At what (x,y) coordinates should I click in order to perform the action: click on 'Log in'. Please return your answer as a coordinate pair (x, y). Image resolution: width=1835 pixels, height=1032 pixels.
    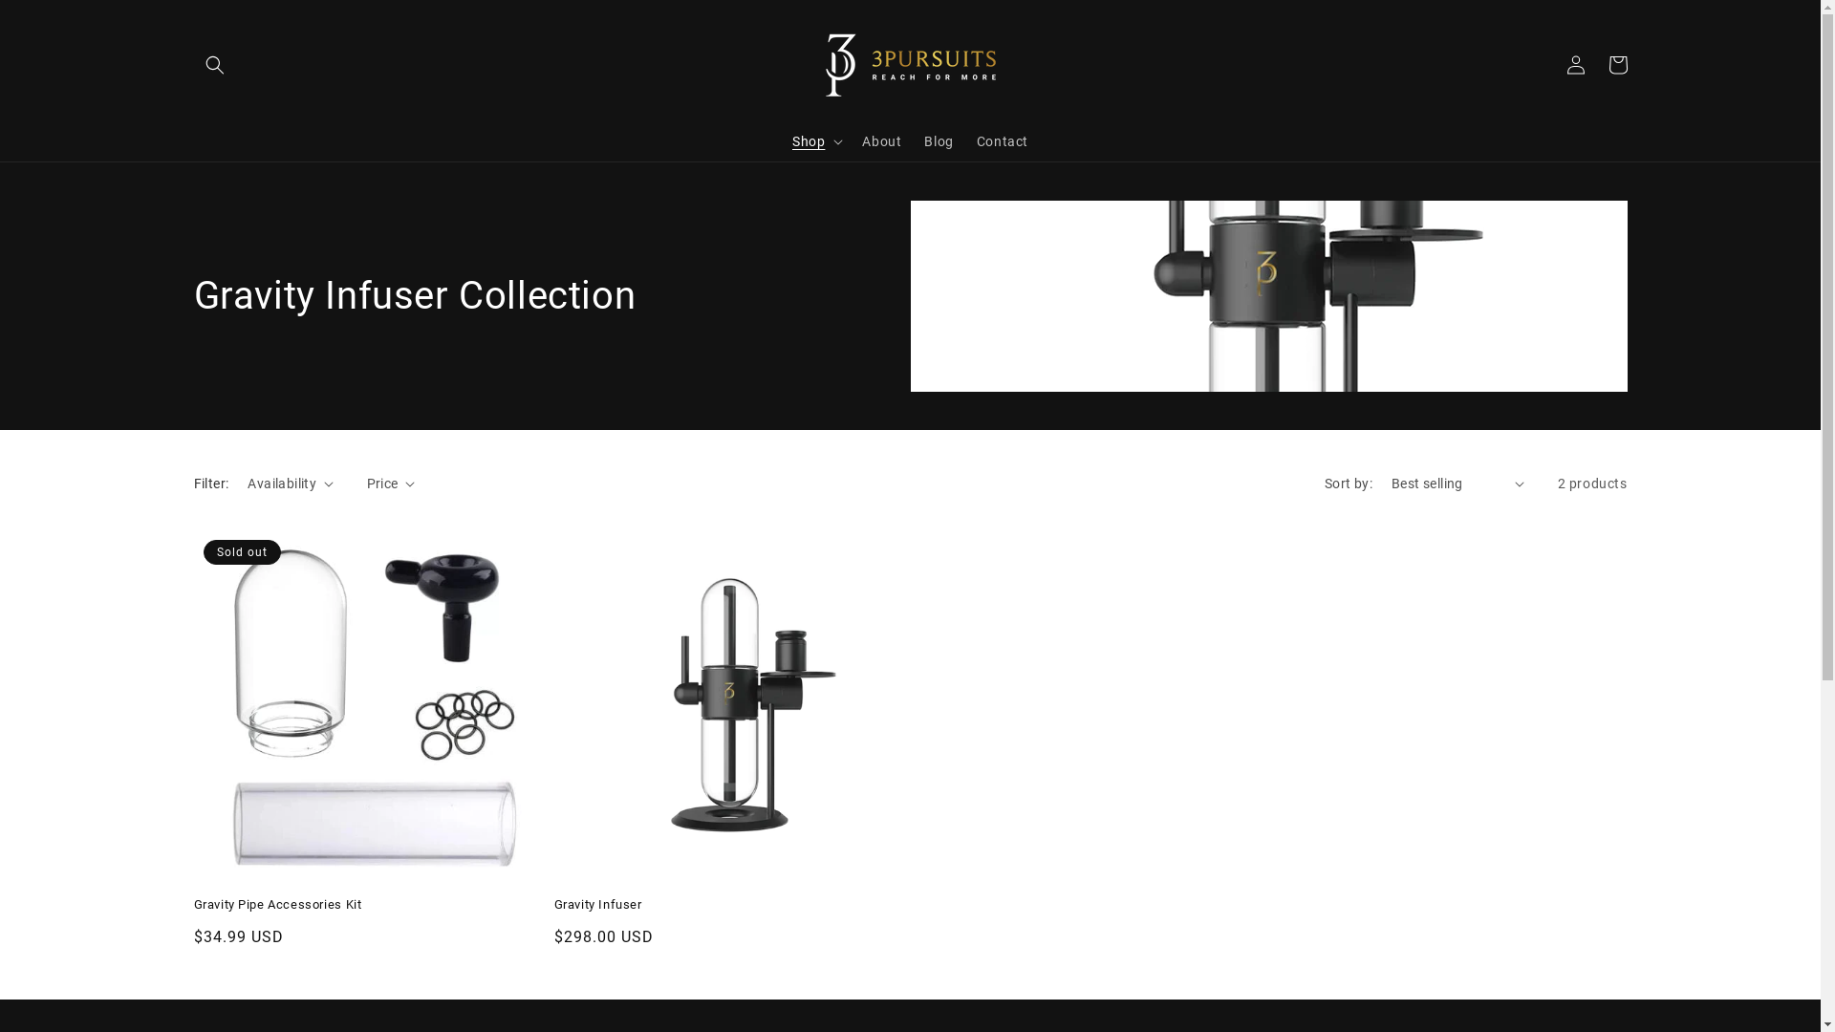
    Looking at the image, I should click on (1574, 64).